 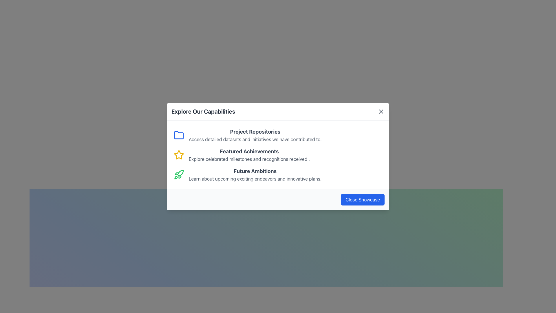 I want to click on the first list item featuring a blue folder icon and the text 'Project Repositories', so click(x=278, y=135).